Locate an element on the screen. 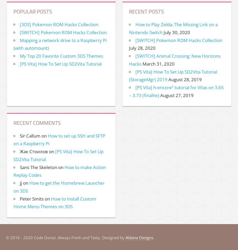 The width and height of the screenshot is (238, 250). 'July 30, 2020' is located at coordinates (177, 32).